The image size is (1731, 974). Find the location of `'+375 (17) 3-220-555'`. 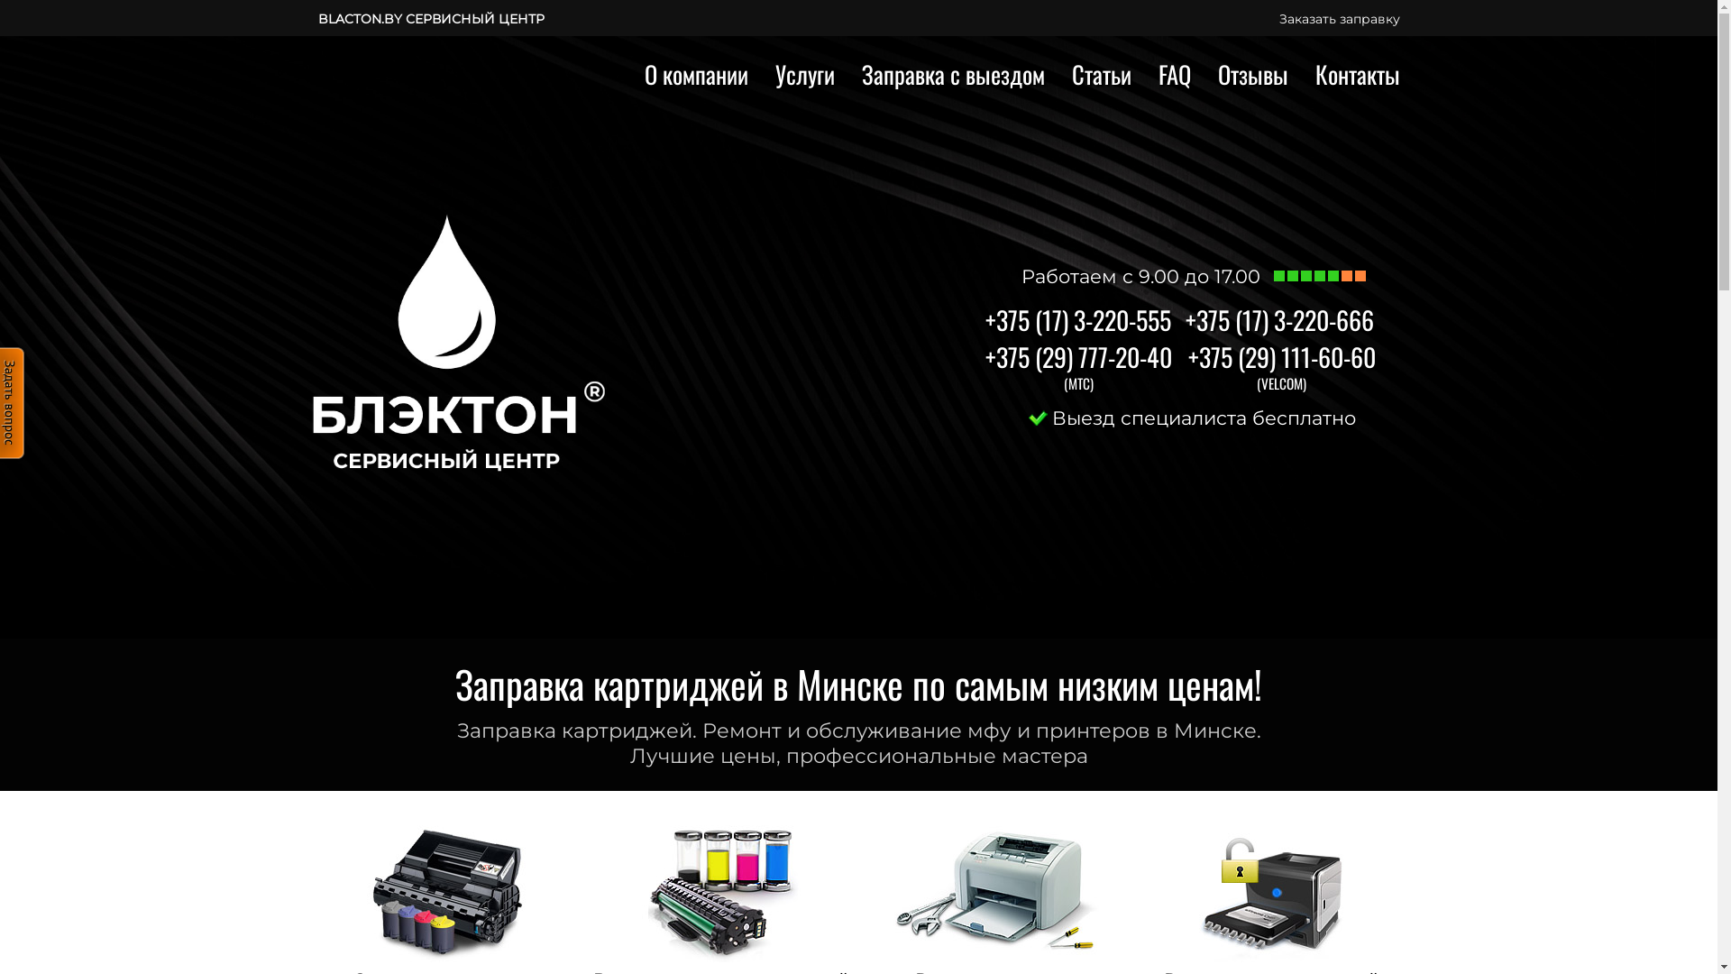

'+375 (17) 3-220-555' is located at coordinates (983, 318).